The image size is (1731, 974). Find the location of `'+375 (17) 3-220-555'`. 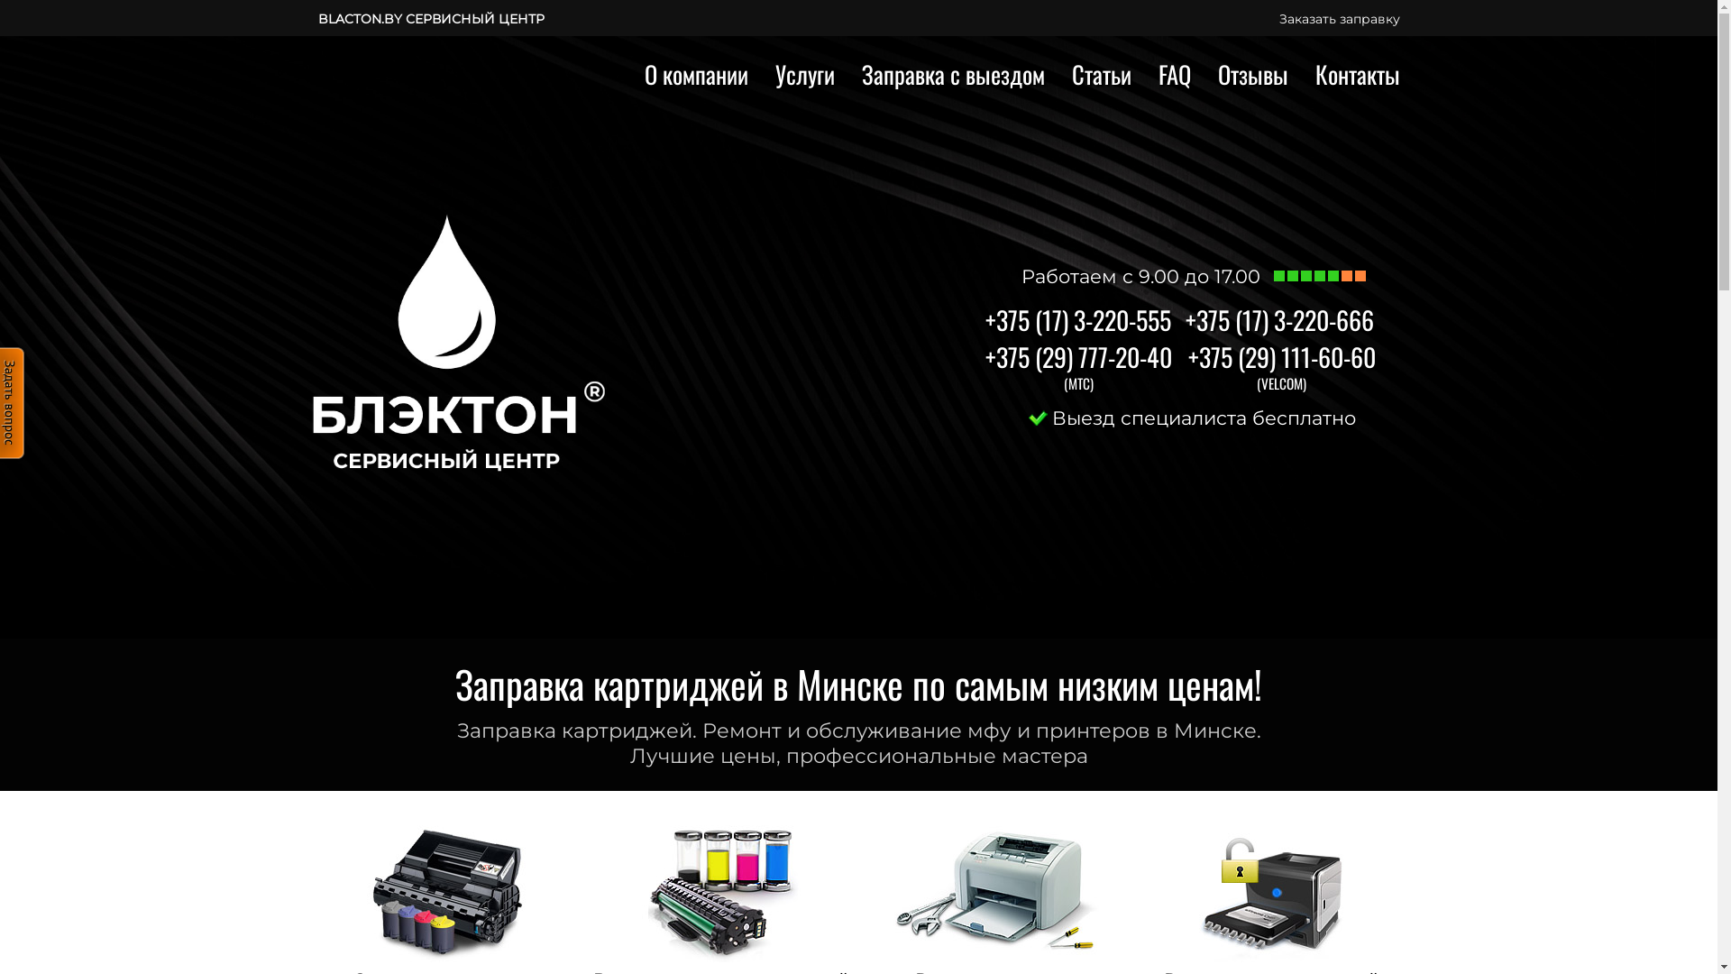

'+375 (17) 3-220-555' is located at coordinates (983, 318).